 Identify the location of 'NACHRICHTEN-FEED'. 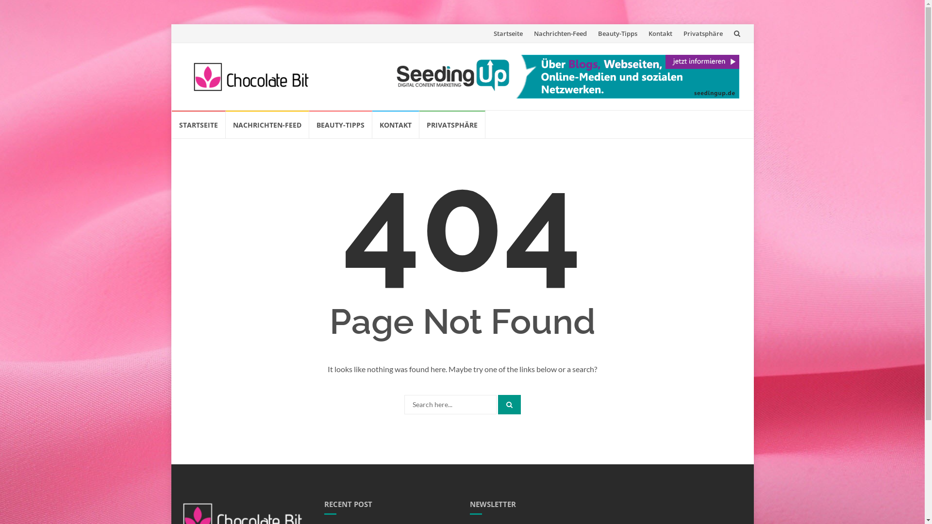
(267, 124).